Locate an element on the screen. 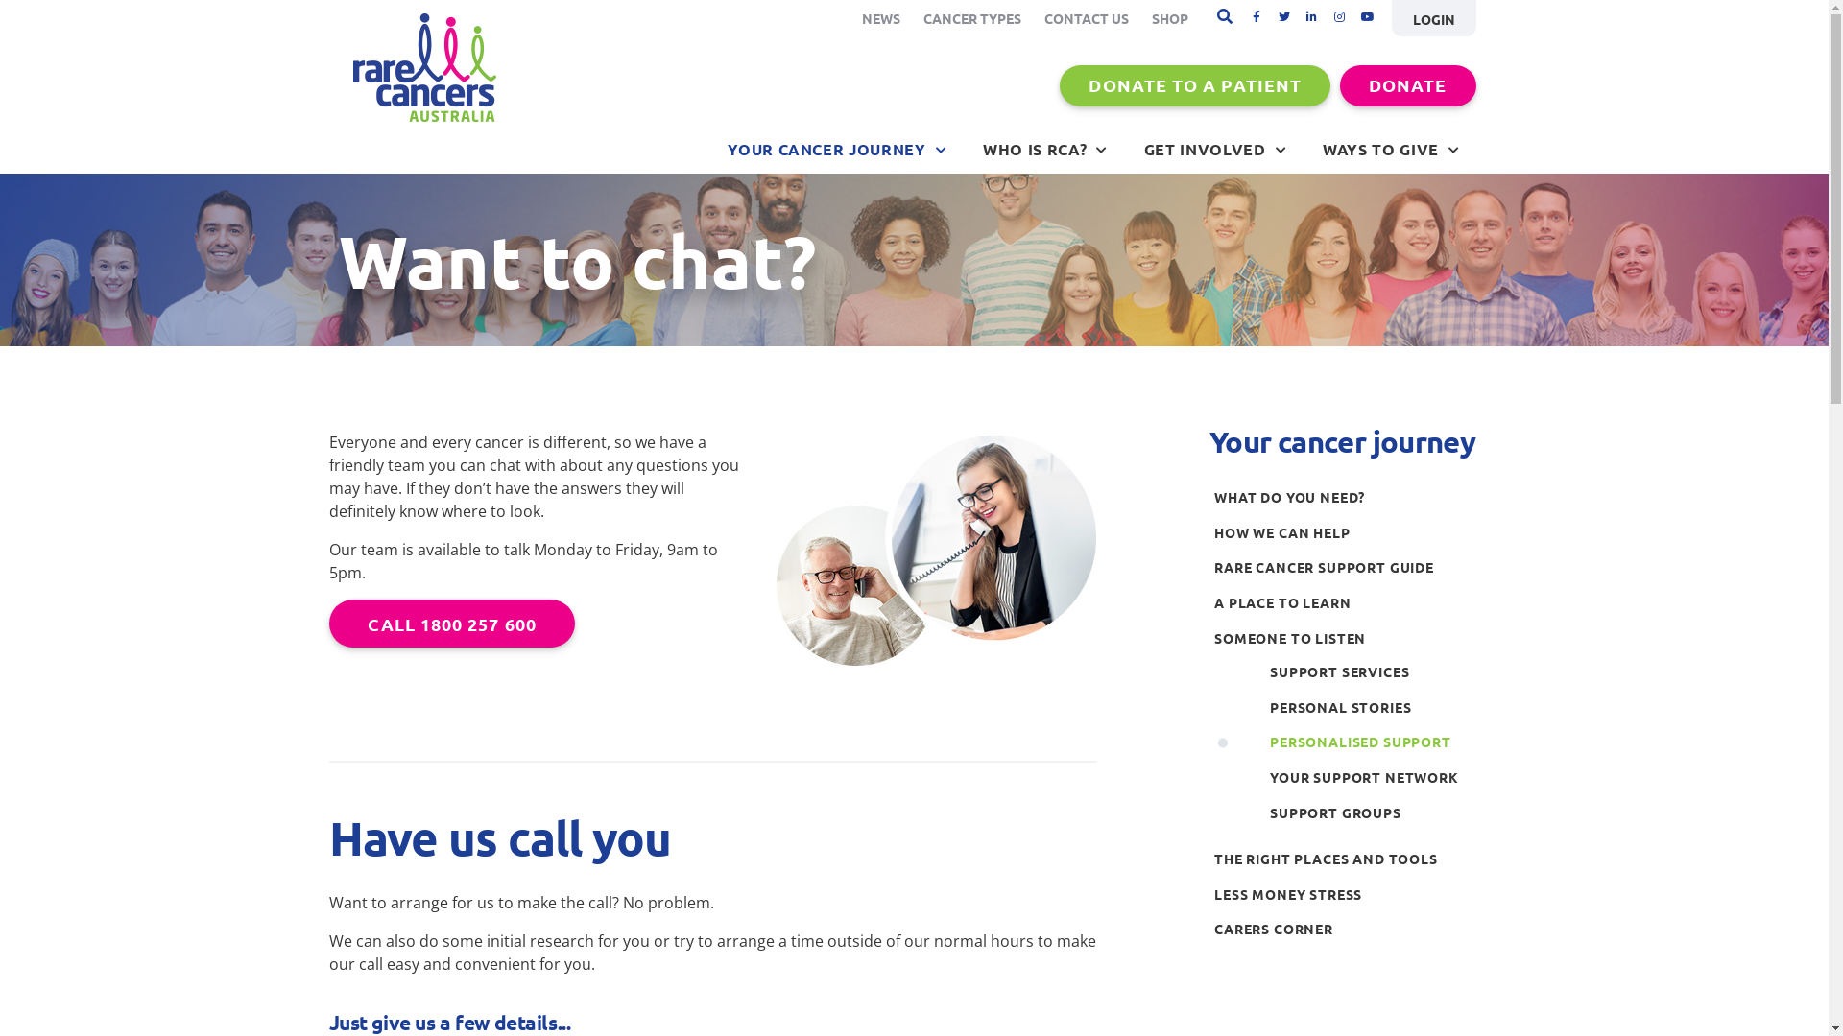 This screenshot has width=1843, height=1036. 'SOMEONE TO LISTEN' is located at coordinates (1349, 638).